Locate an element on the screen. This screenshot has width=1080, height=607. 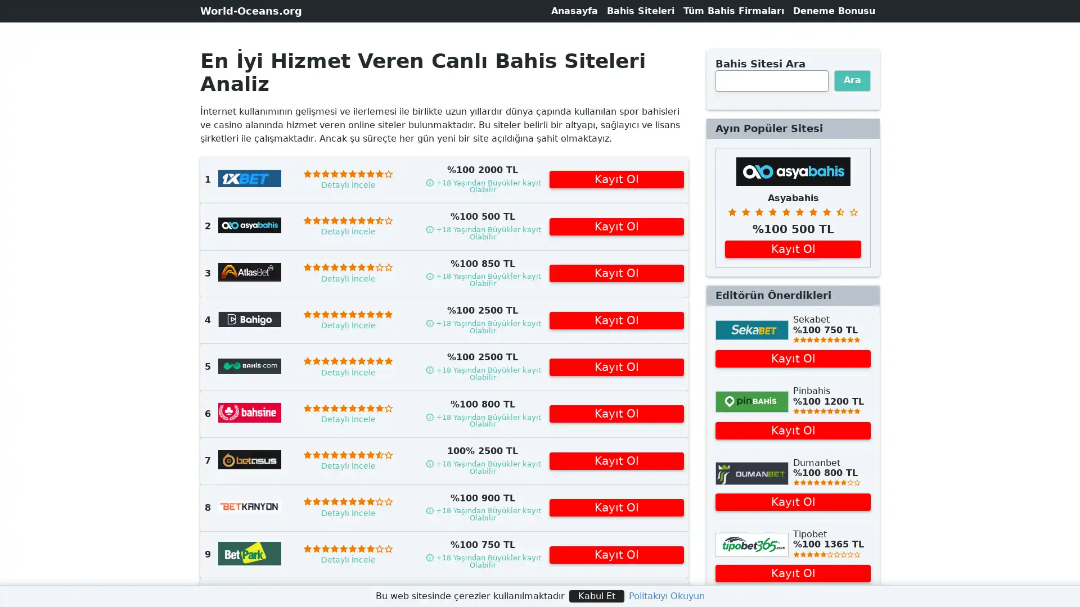
Ara is located at coordinates (852, 79).